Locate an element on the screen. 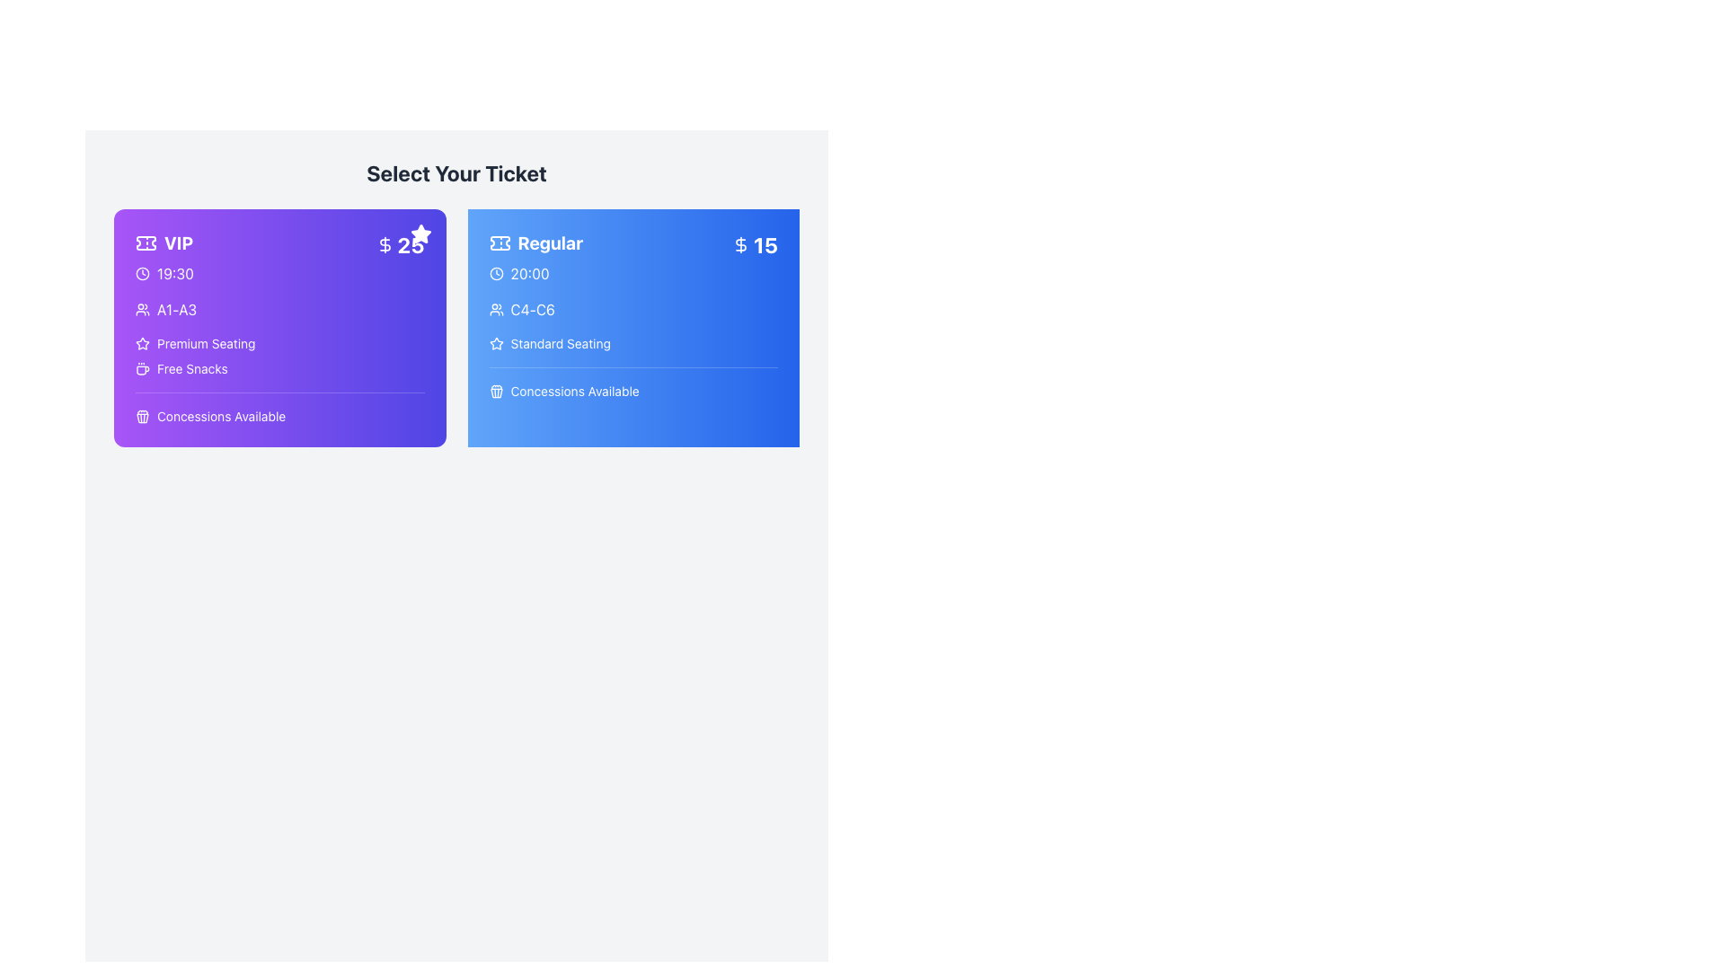 The image size is (1725, 970). the waste disposal icon located below the 'Concessions Available' text in the regular ticket section of the UI is located at coordinates (496, 392).